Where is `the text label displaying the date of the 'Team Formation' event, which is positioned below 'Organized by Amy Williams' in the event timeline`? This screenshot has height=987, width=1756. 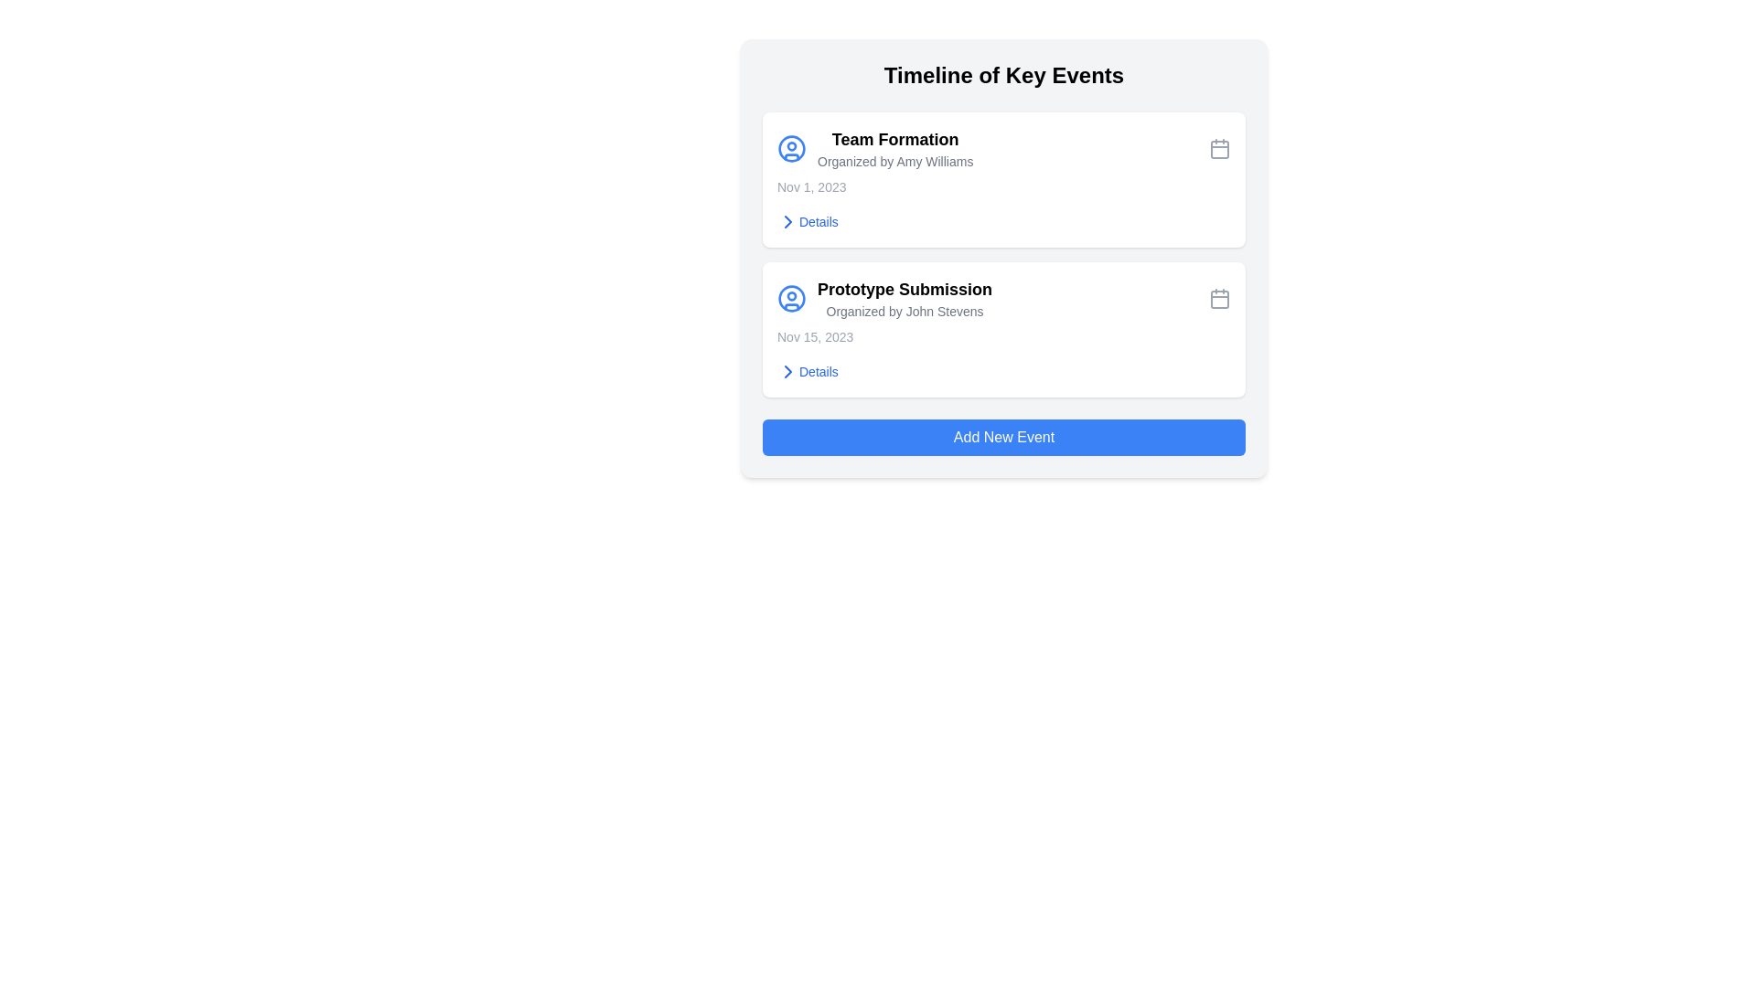 the text label displaying the date of the 'Team Formation' event, which is positioned below 'Organized by Amy Williams' in the event timeline is located at coordinates (810, 186).